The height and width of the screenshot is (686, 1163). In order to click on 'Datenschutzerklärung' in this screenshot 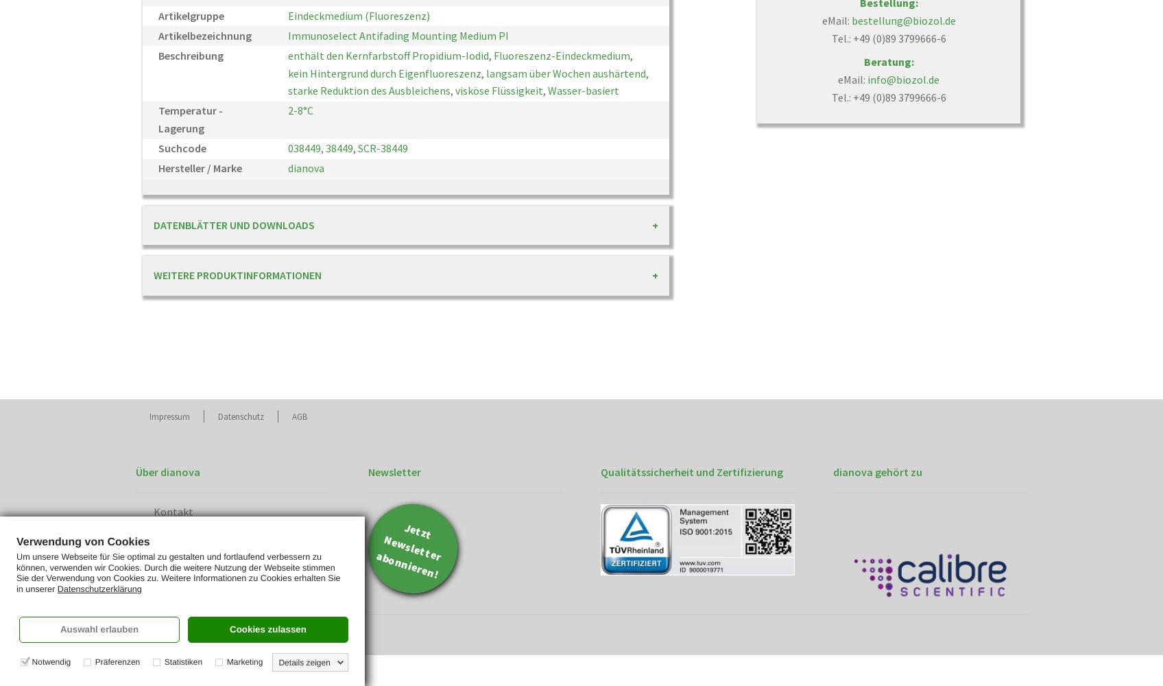, I will do `click(56, 588)`.